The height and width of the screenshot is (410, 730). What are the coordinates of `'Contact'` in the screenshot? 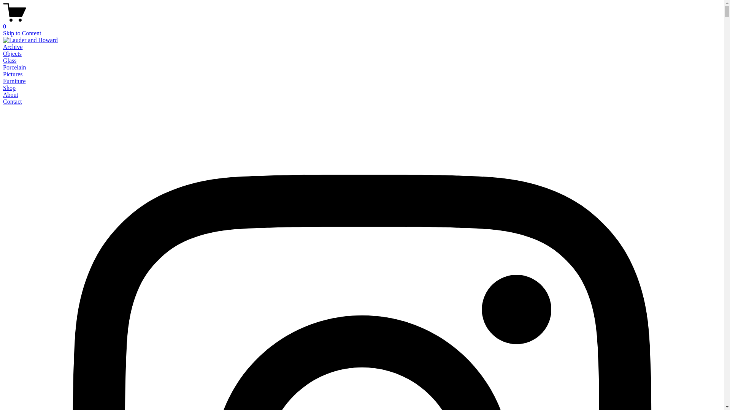 It's located at (3, 101).